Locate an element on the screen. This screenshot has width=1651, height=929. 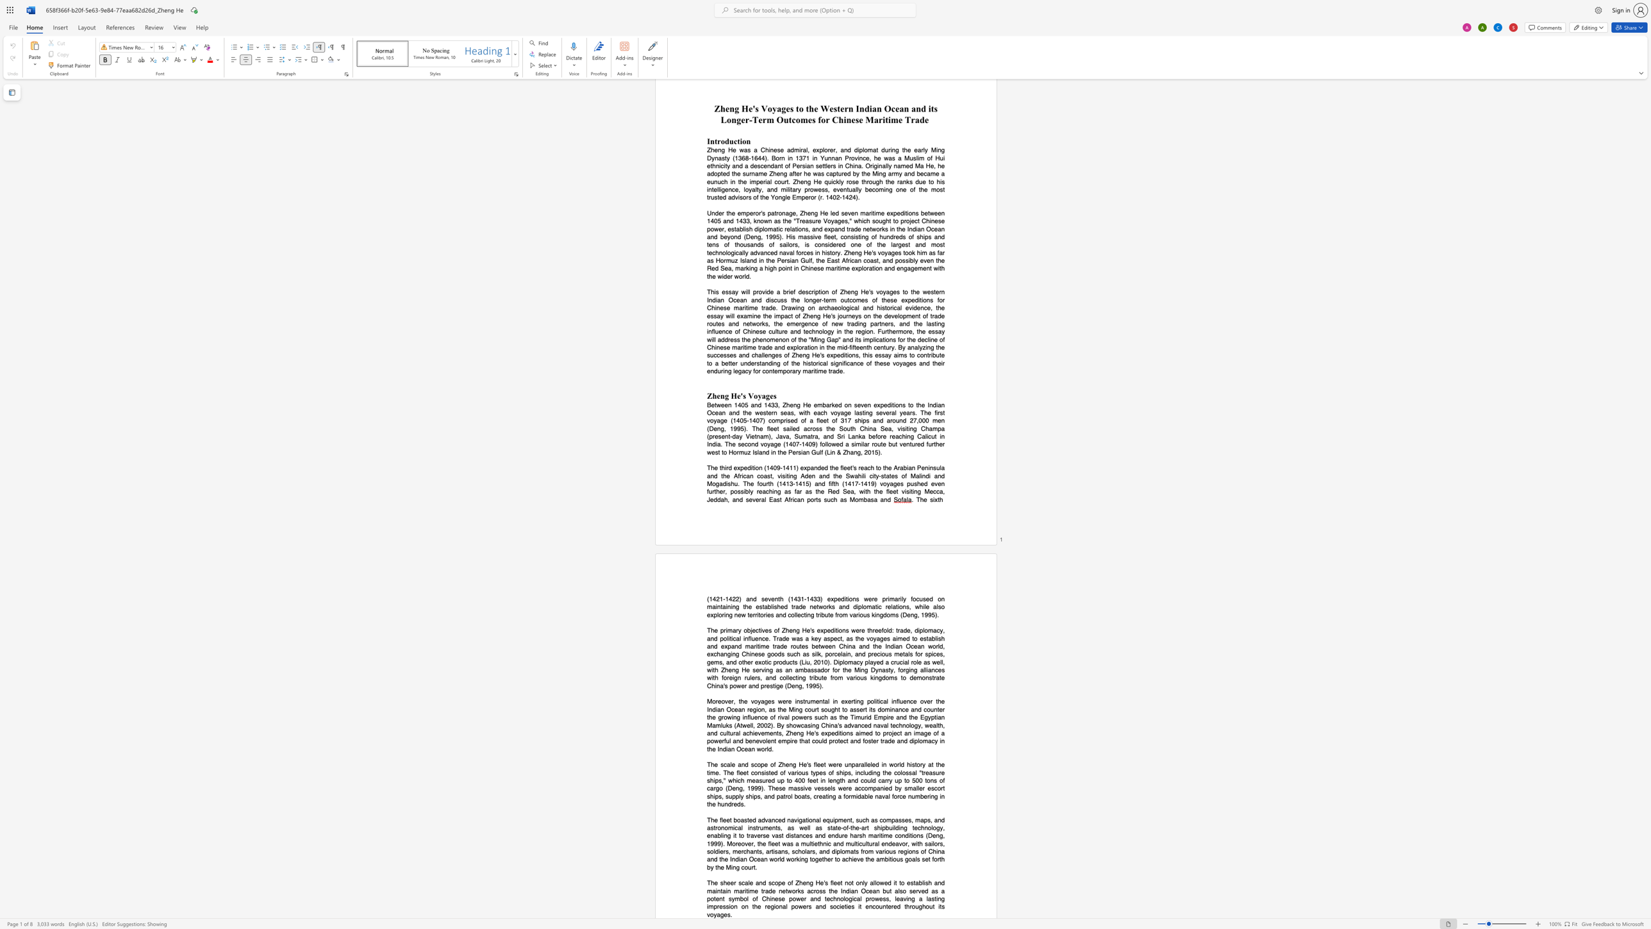
the subset text "its voya" within the text "throughout its voyages." is located at coordinates (937, 906).